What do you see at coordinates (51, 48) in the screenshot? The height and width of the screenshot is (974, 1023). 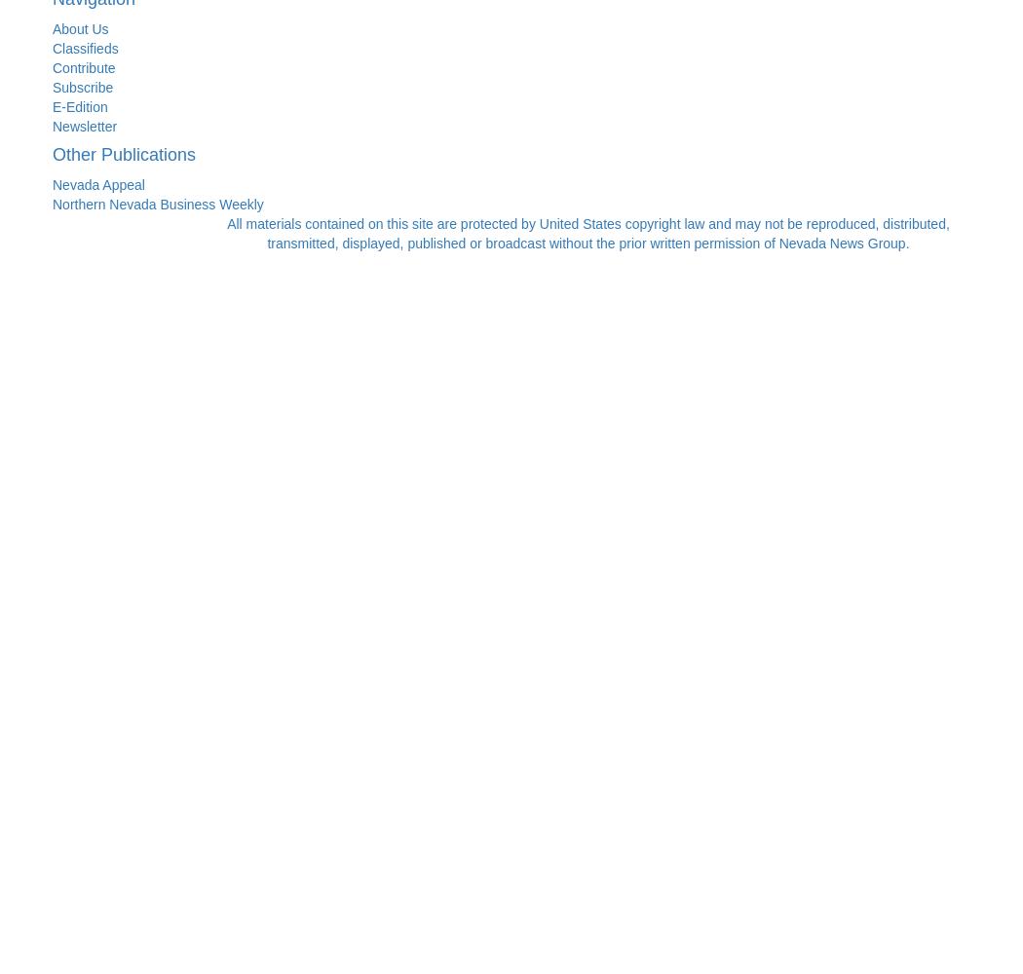 I see `'Classifieds'` at bounding box center [51, 48].